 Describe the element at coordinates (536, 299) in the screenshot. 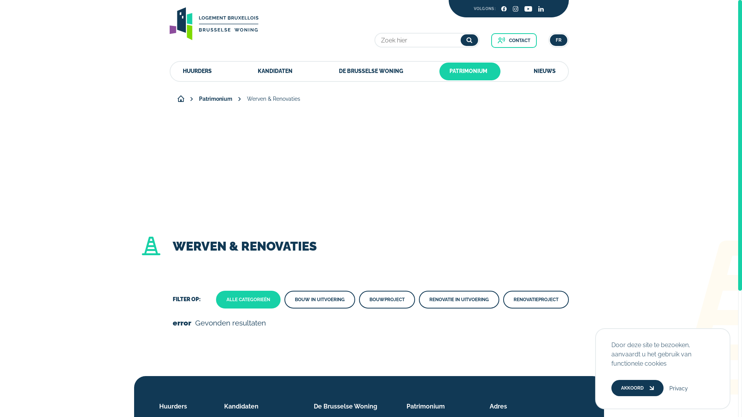

I see `'RENOVATIEPROJECT'` at that location.